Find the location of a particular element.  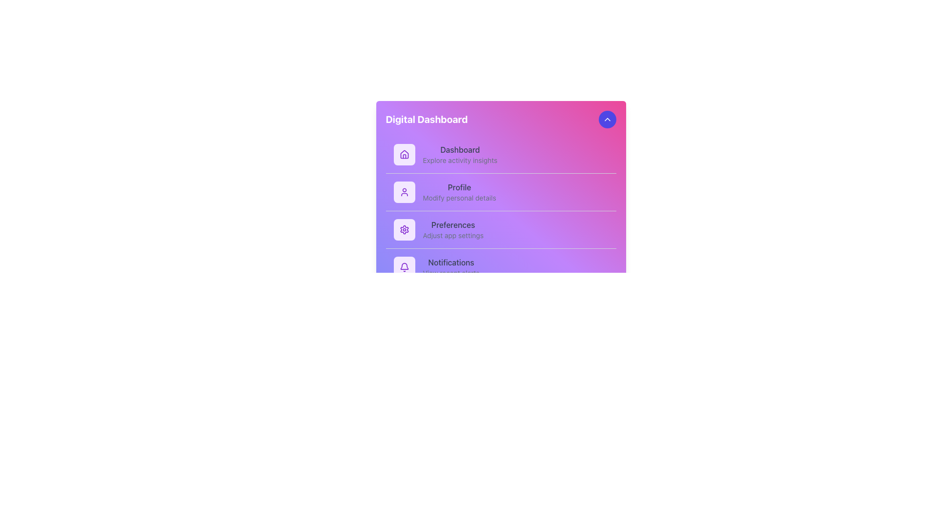

the outlined bell icon, which is part of the notification UI element is located at coordinates (404, 267).